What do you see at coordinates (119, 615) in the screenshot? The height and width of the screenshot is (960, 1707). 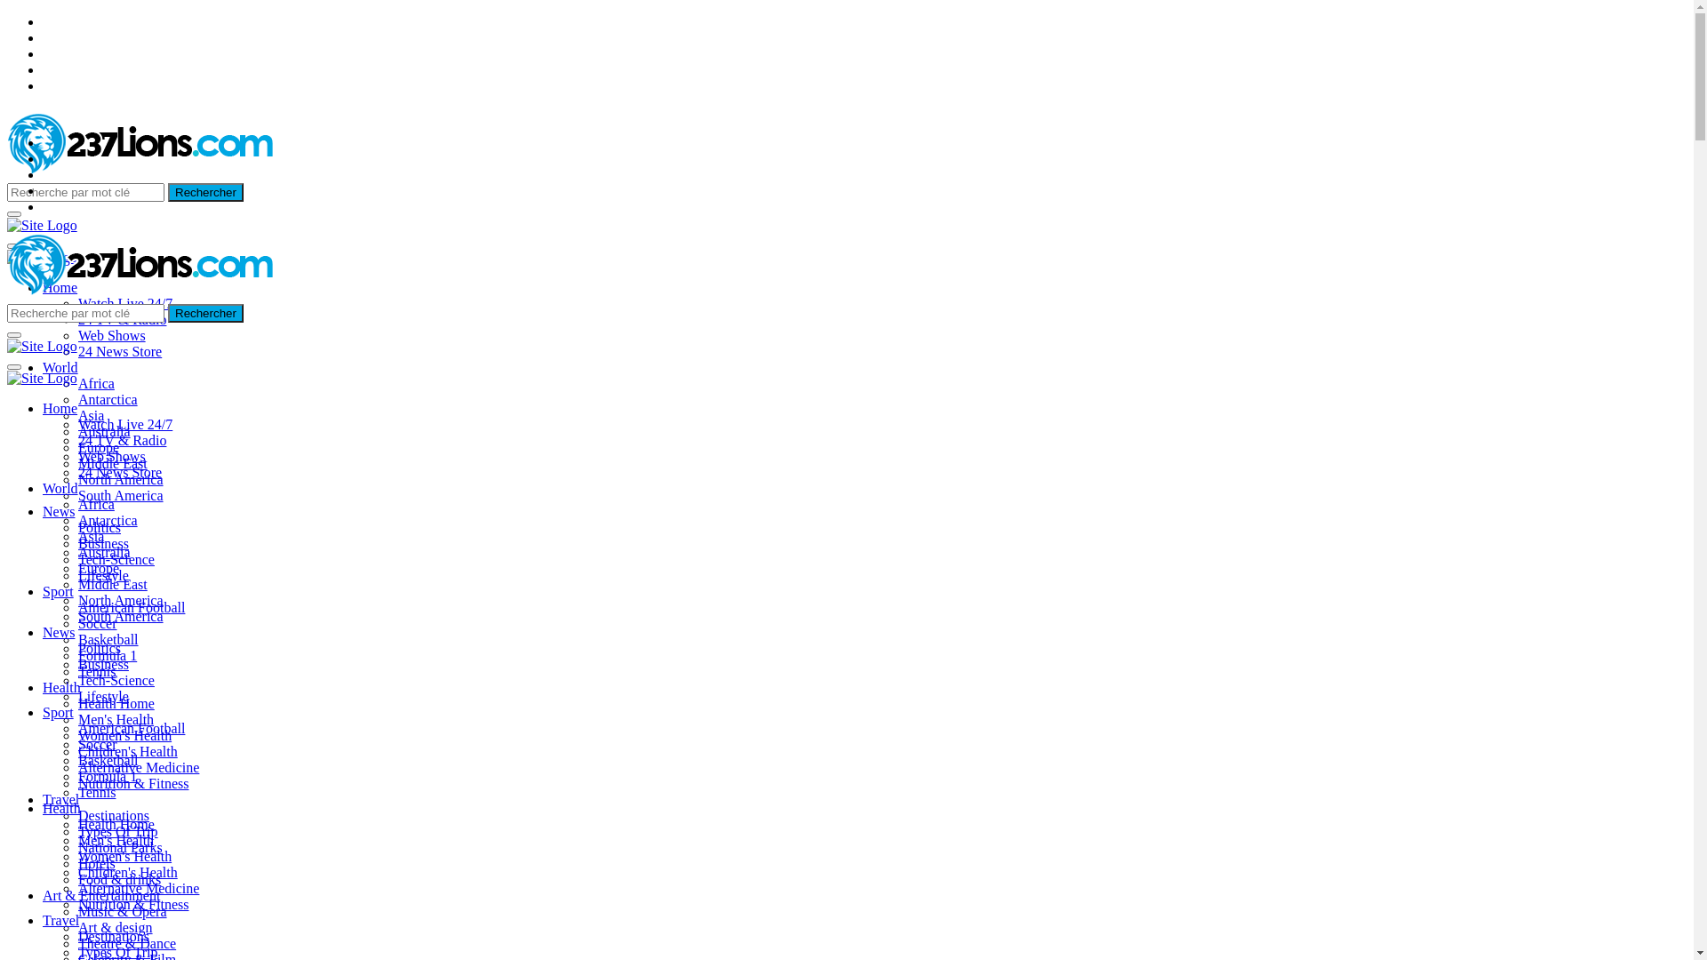 I see `'South America'` at bounding box center [119, 615].